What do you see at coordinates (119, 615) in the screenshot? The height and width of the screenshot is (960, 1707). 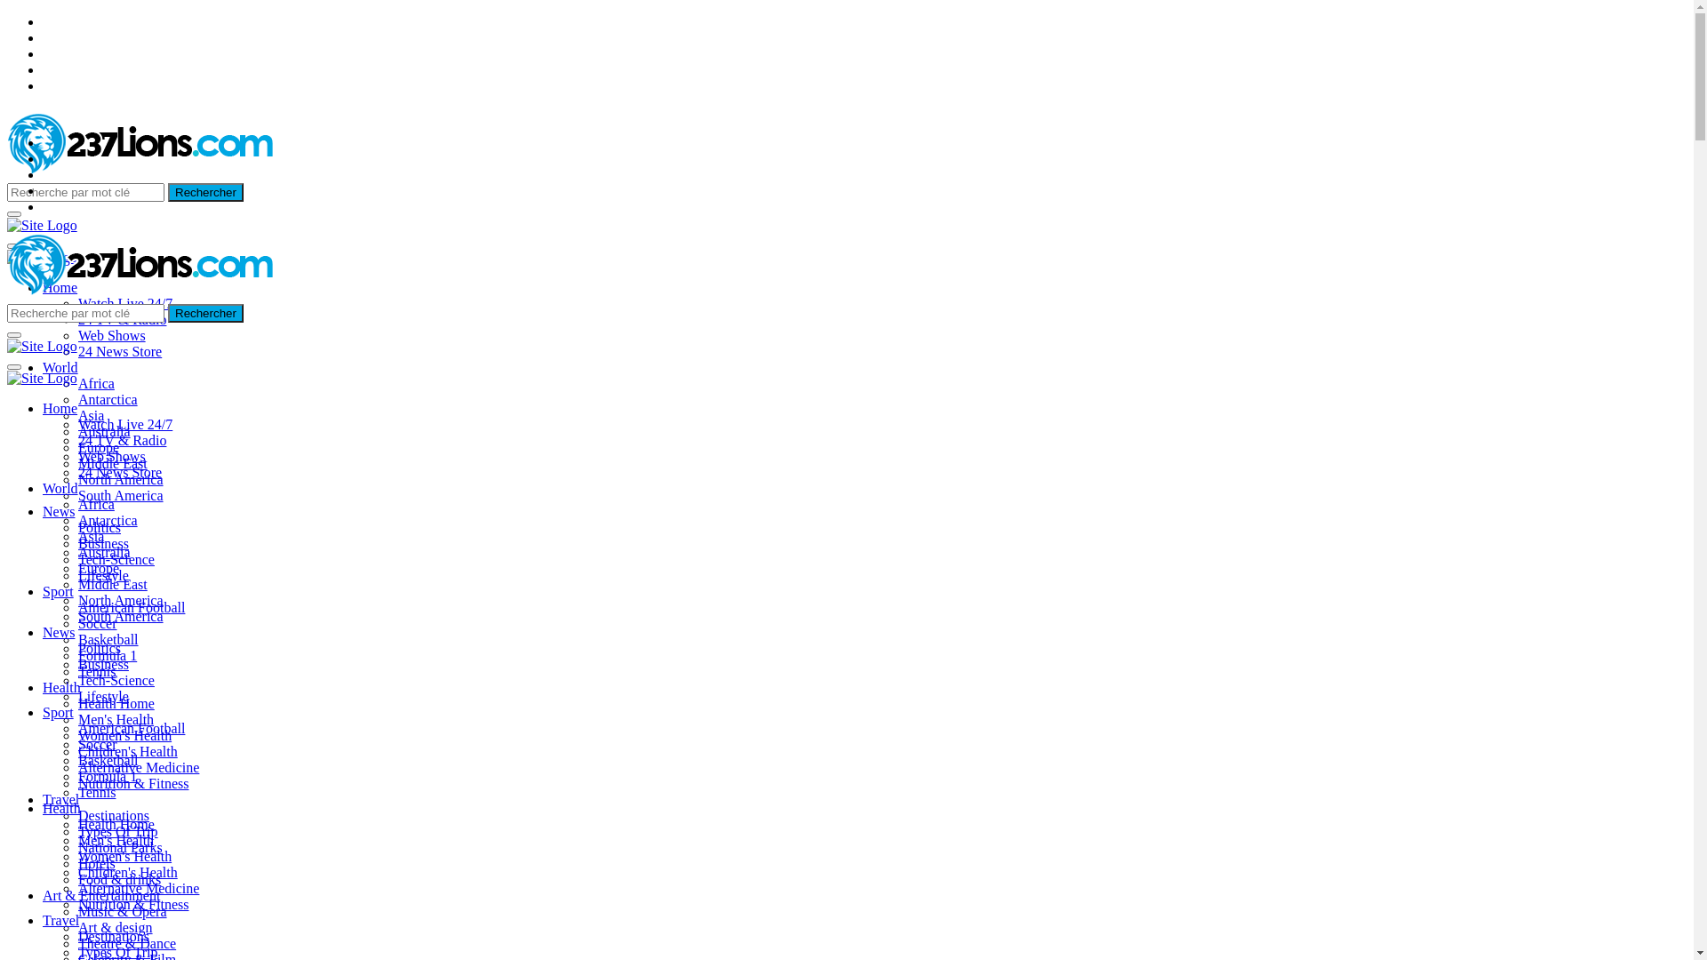 I see `'South America'` at bounding box center [119, 615].